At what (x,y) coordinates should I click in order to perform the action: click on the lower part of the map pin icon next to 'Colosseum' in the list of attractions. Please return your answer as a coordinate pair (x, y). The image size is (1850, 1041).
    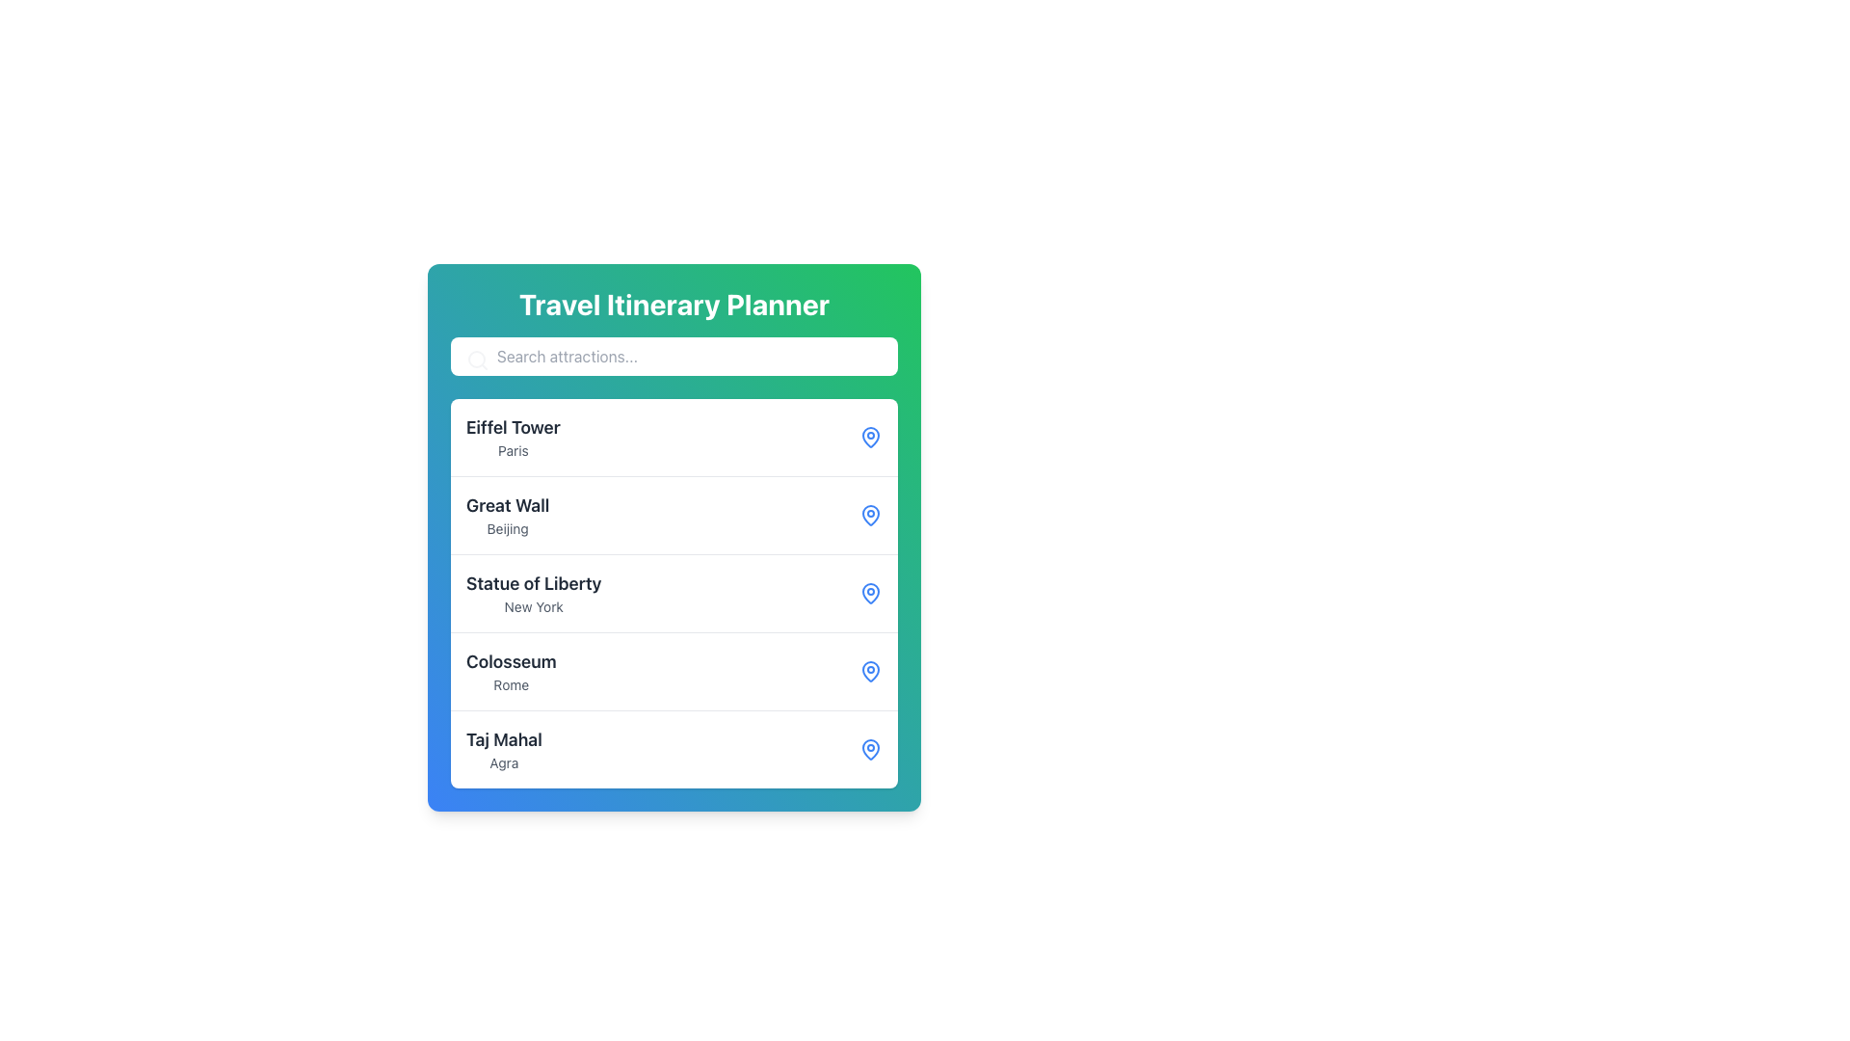
    Looking at the image, I should click on (869, 669).